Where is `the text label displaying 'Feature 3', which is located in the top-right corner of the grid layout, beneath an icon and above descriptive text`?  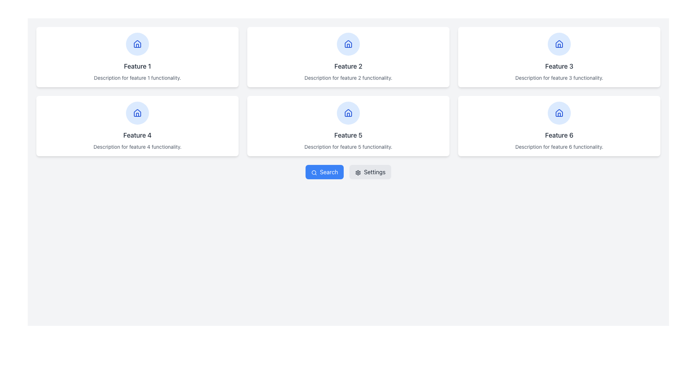 the text label displaying 'Feature 3', which is located in the top-right corner of the grid layout, beneath an icon and above descriptive text is located at coordinates (559, 66).